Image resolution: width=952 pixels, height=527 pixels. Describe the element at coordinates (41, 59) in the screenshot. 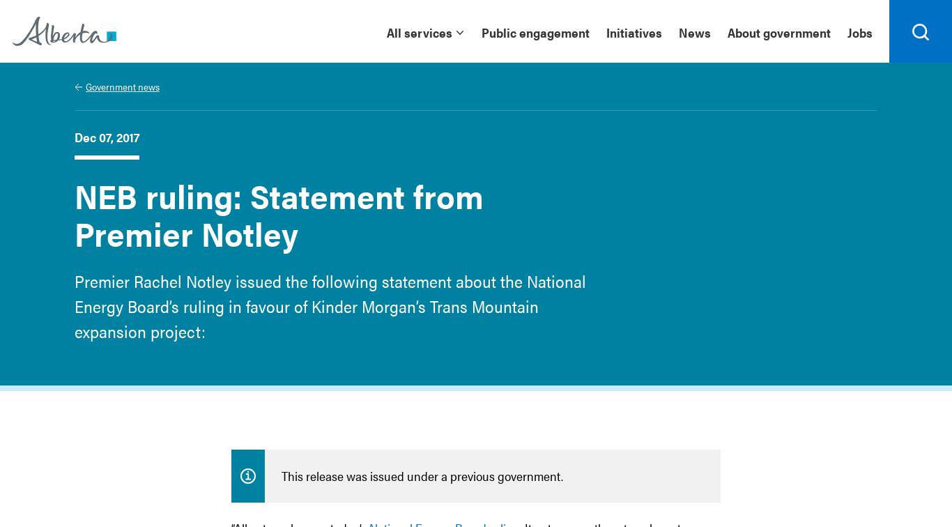

I see `'Alberta.ca'` at that location.